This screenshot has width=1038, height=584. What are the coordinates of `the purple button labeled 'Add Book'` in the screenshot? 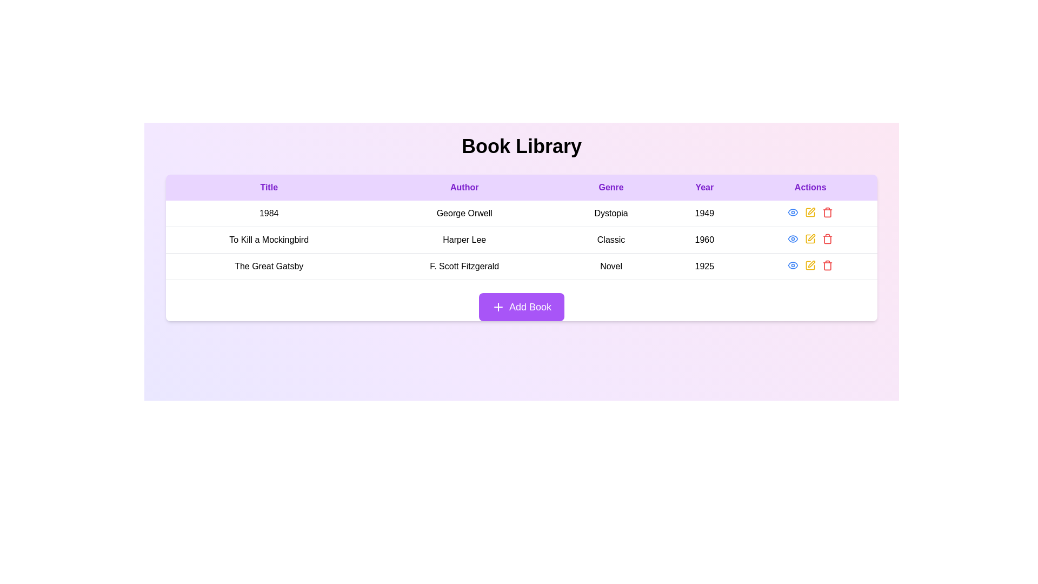 It's located at (521, 307).